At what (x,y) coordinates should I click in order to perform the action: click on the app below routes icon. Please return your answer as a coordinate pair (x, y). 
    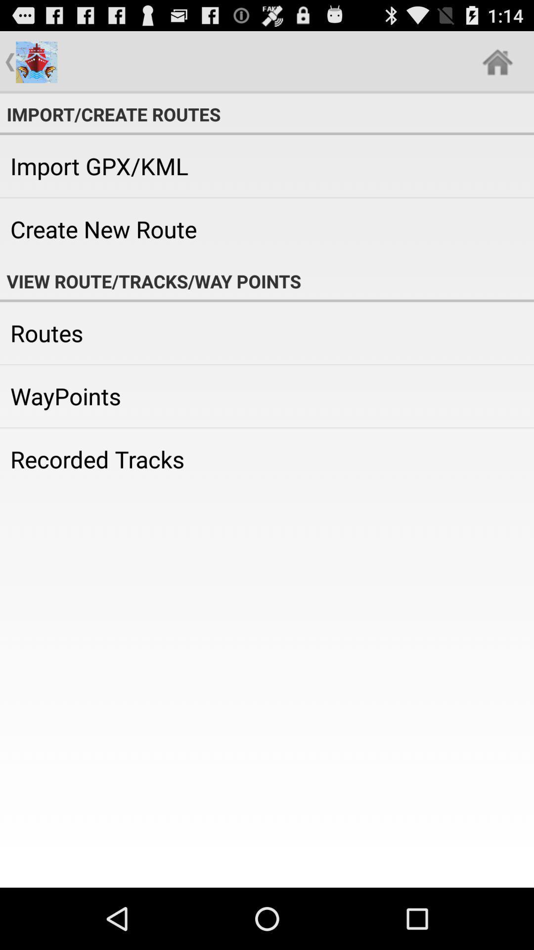
    Looking at the image, I should click on (267, 396).